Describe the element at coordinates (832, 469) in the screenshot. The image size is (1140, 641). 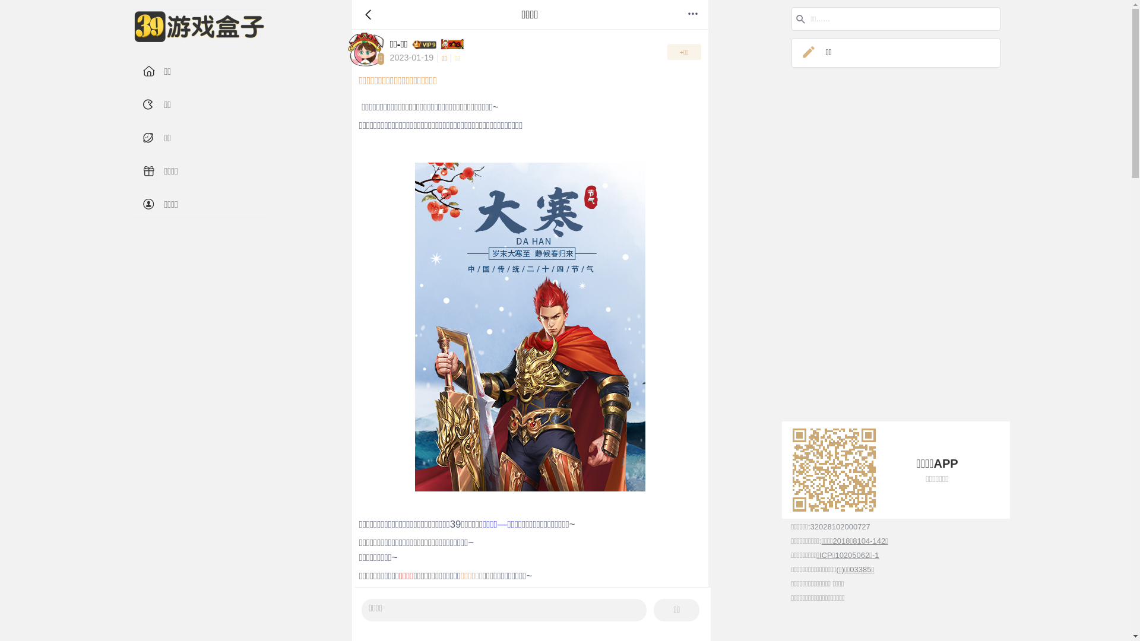
I see `'https://bbs.3975.com/interface/package-app-link'` at that location.